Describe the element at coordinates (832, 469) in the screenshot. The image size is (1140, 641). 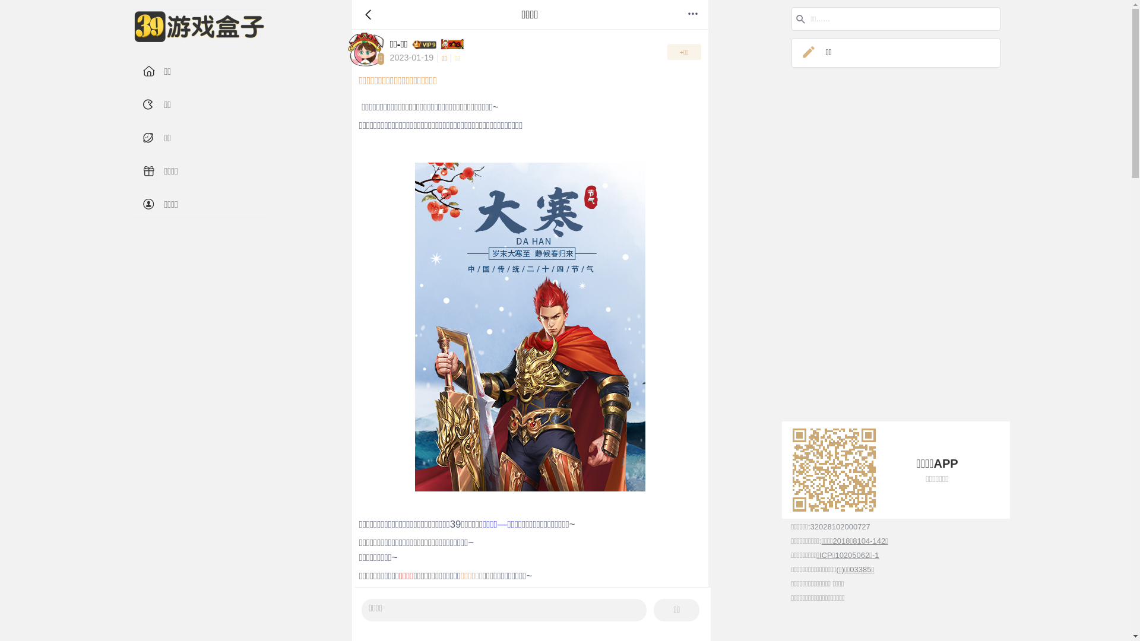
I see `'https://bbs.3975.com/interface/package-app-link'` at that location.